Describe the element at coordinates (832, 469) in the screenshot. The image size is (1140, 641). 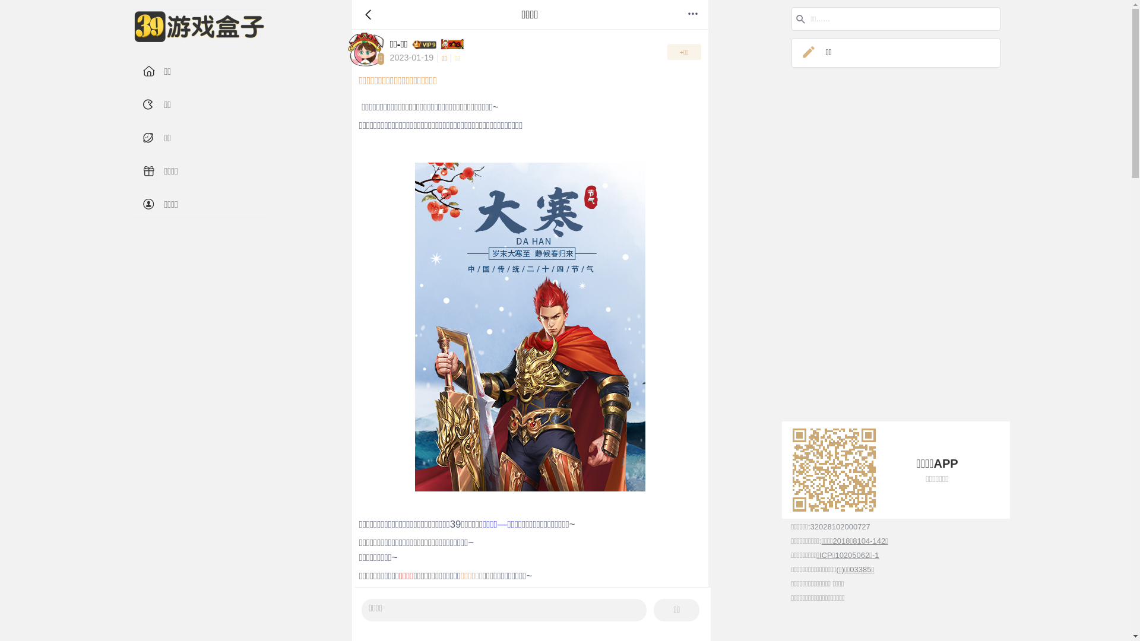
I see `'https://bbs.3975.com/interface/package-app-link'` at that location.